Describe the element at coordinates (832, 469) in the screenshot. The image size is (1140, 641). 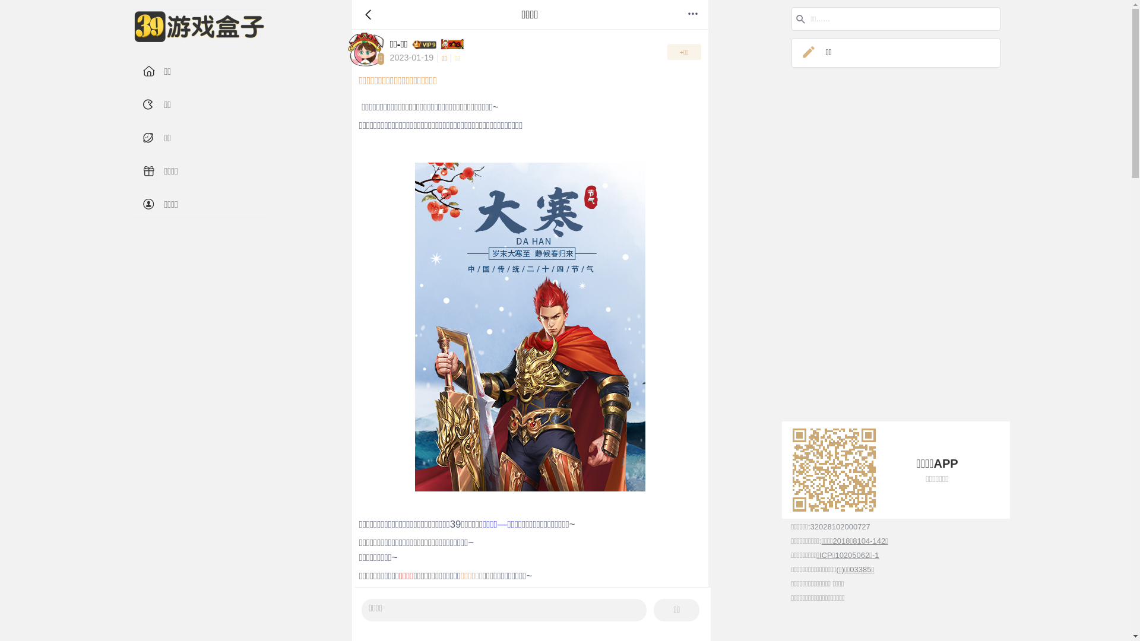
I see `'https://bbs.3975.com/interface/package-app-link'` at that location.